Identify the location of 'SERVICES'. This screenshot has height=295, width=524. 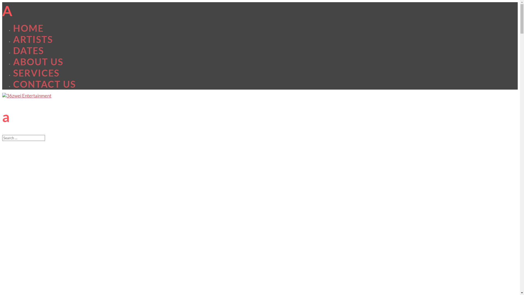
(36, 72).